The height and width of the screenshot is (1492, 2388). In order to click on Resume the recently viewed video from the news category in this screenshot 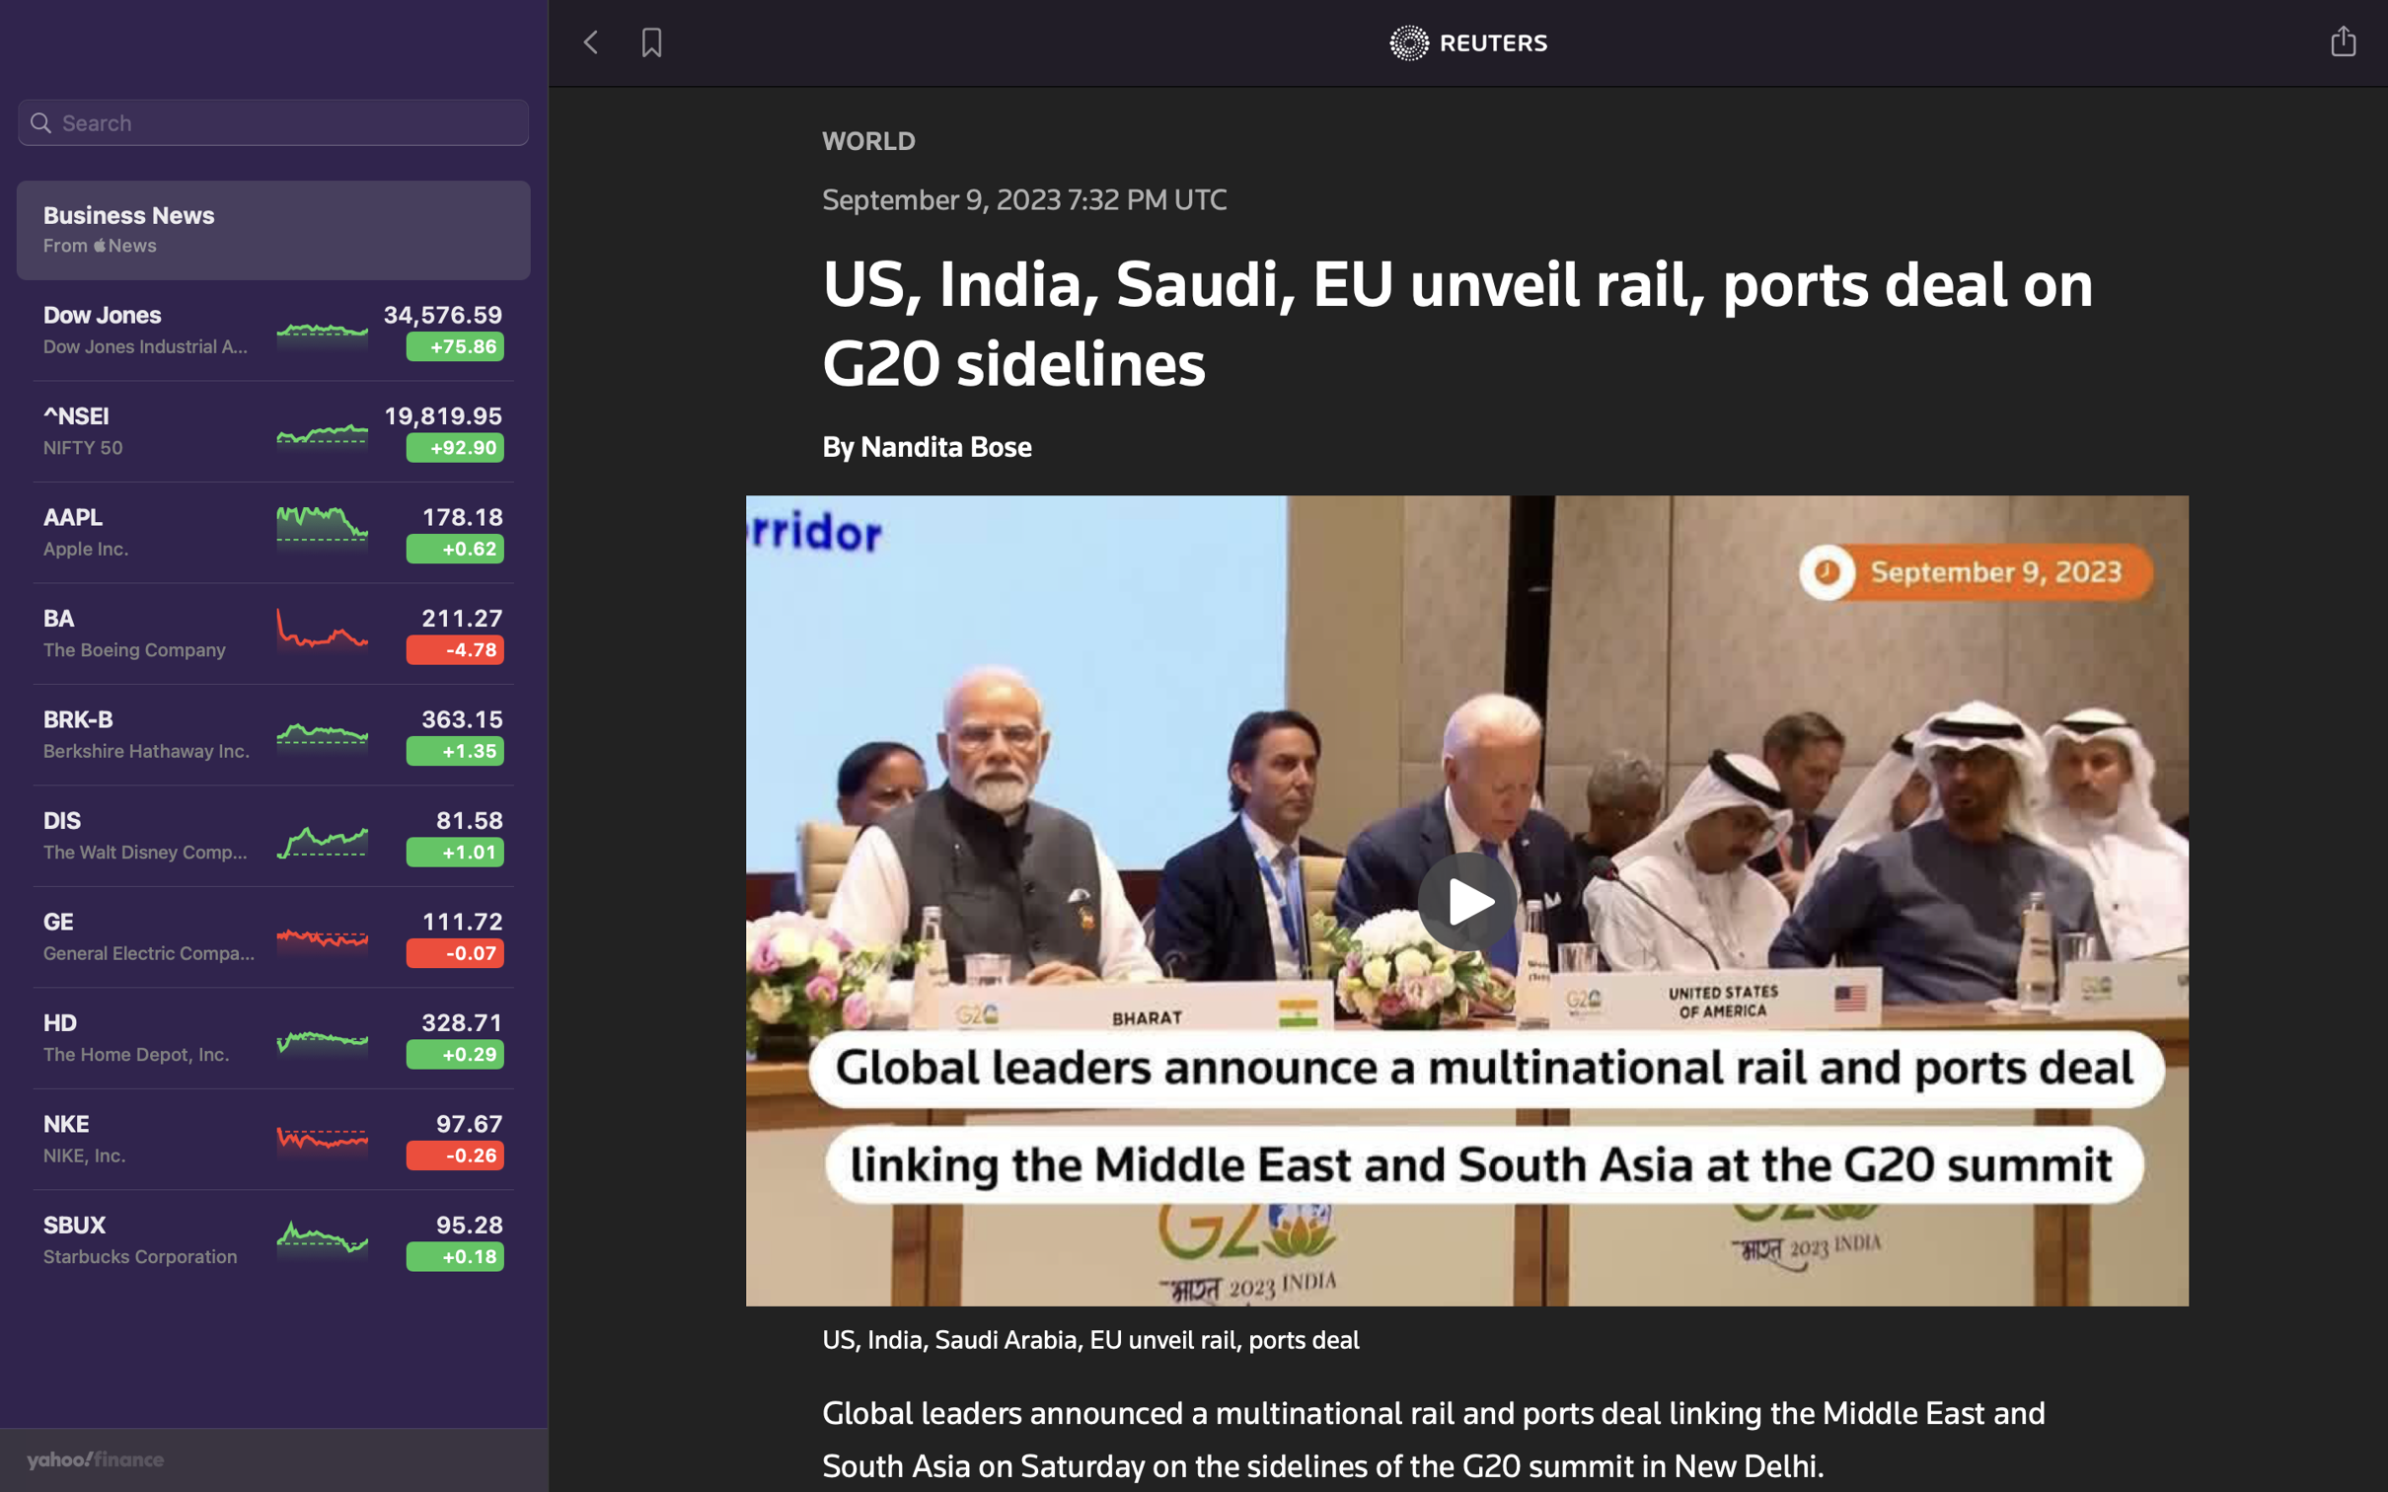, I will do `click(1468, 897)`.